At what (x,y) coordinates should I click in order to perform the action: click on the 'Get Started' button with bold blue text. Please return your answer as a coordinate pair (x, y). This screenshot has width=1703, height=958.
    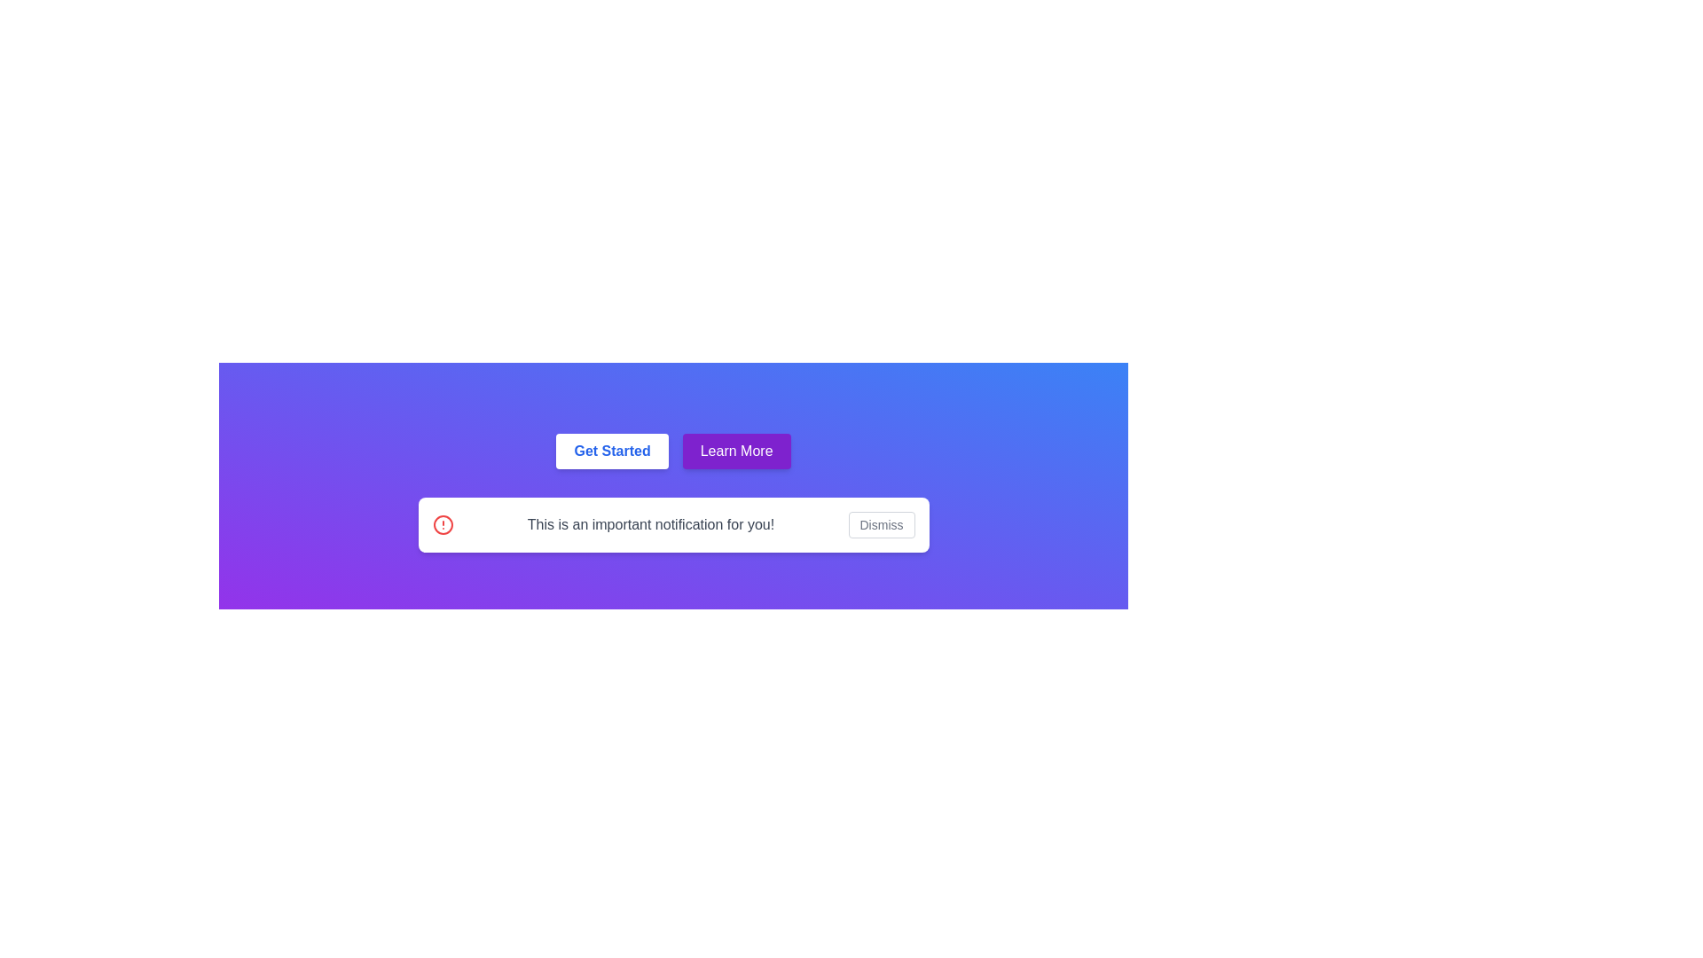
    Looking at the image, I should click on (612, 451).